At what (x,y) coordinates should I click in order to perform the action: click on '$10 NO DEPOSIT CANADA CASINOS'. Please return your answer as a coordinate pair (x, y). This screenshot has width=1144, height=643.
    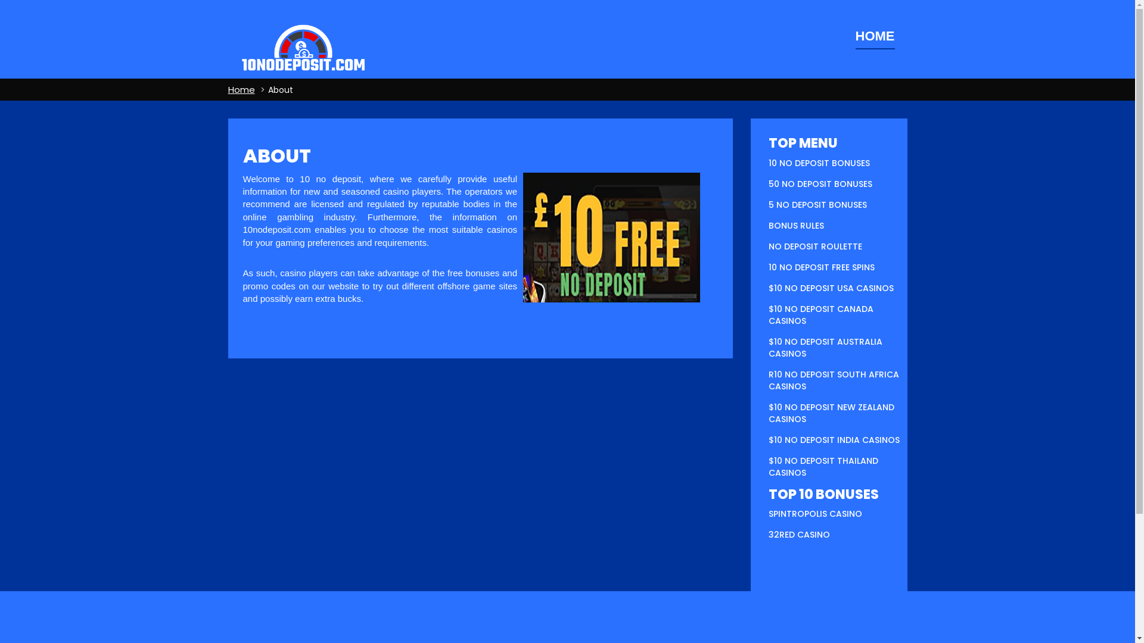
    Looking at the image, I should click on (820, 314).